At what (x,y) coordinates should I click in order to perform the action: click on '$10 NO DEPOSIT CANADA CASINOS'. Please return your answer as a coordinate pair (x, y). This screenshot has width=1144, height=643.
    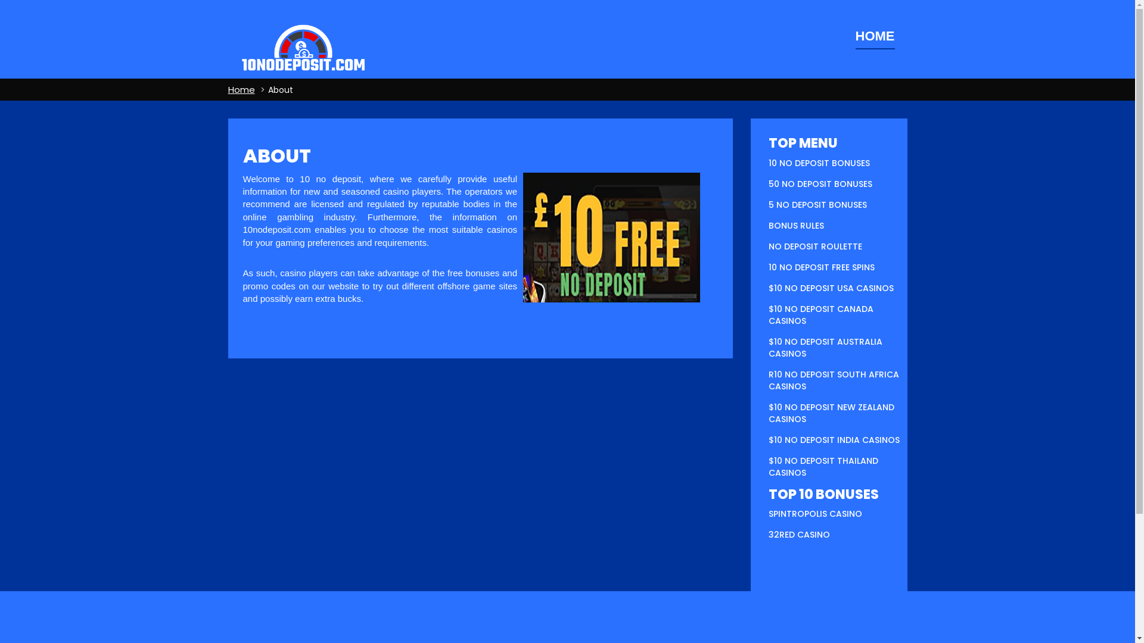
    Looking at the image, I should click on (820, 314).